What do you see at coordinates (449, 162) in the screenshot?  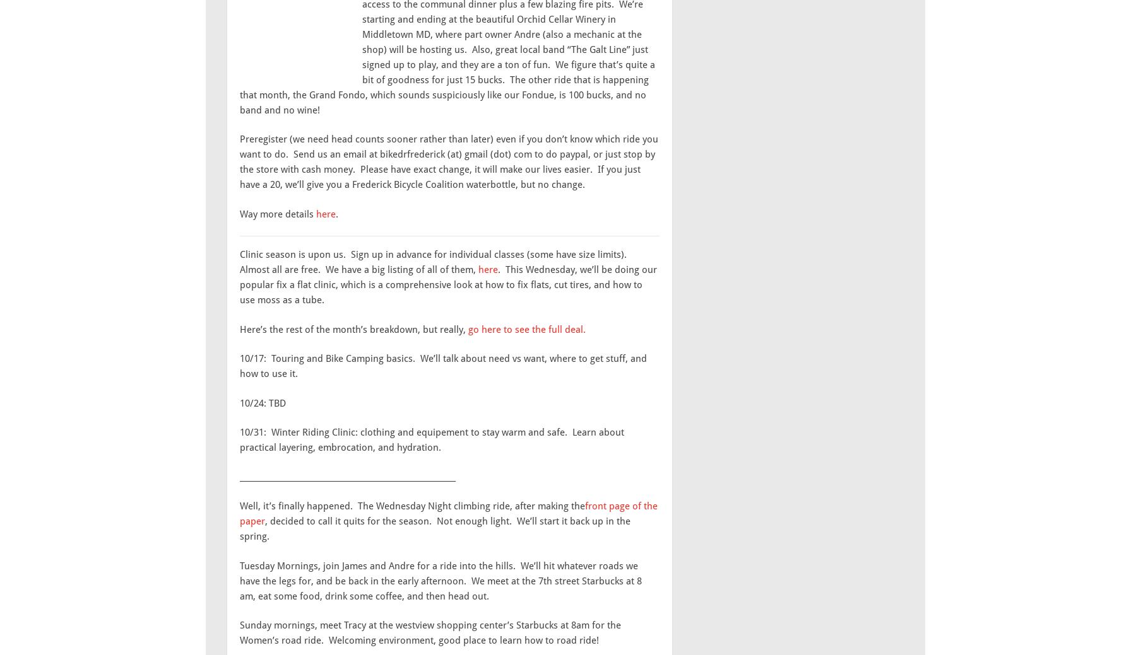 I see `'Preregister (we need head counts sooner rather than later) even if you don’t know which ride you want to do.  Send us an email at bikedrfrederick (at) gmail (dot) com to do paypal, or just stop by the store with cash money.  Please have exact change, it will make our lives easier.  If you just have a 20, we’ll give you a Frederick Bicycle Coalition waterbottle, but no change.'` at bounding box center [449, 162].